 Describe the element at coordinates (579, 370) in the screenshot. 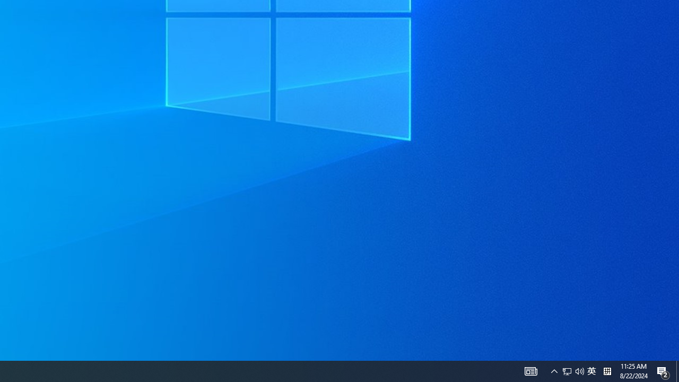

I see `'Tray Input Indicator - Chinese (Simplified, China)'` at that location.